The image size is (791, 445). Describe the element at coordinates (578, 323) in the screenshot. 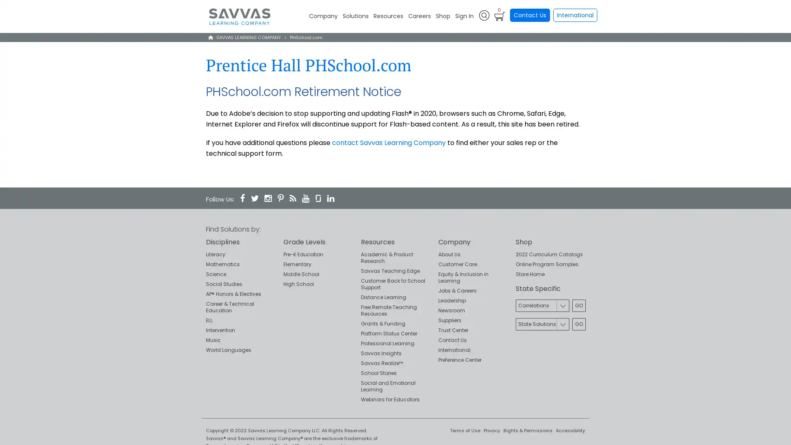

I see `Go` at that location.